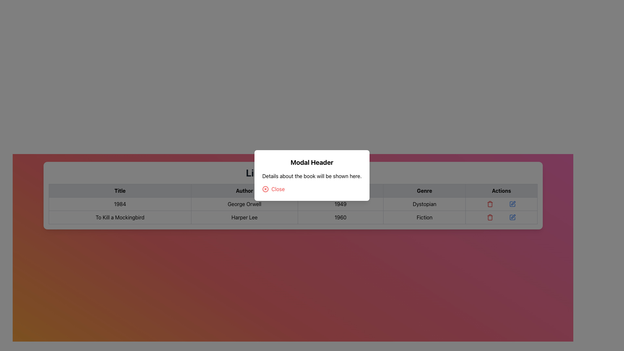 Image resolution: width=624 pixels, height=351 pixels. What do you see at coordinates (512, 204) in the screenshot?
I see `the blue pen icon button located on the far right of the second row in the 'Actions' column of the table` at bounding box center [512, 204].